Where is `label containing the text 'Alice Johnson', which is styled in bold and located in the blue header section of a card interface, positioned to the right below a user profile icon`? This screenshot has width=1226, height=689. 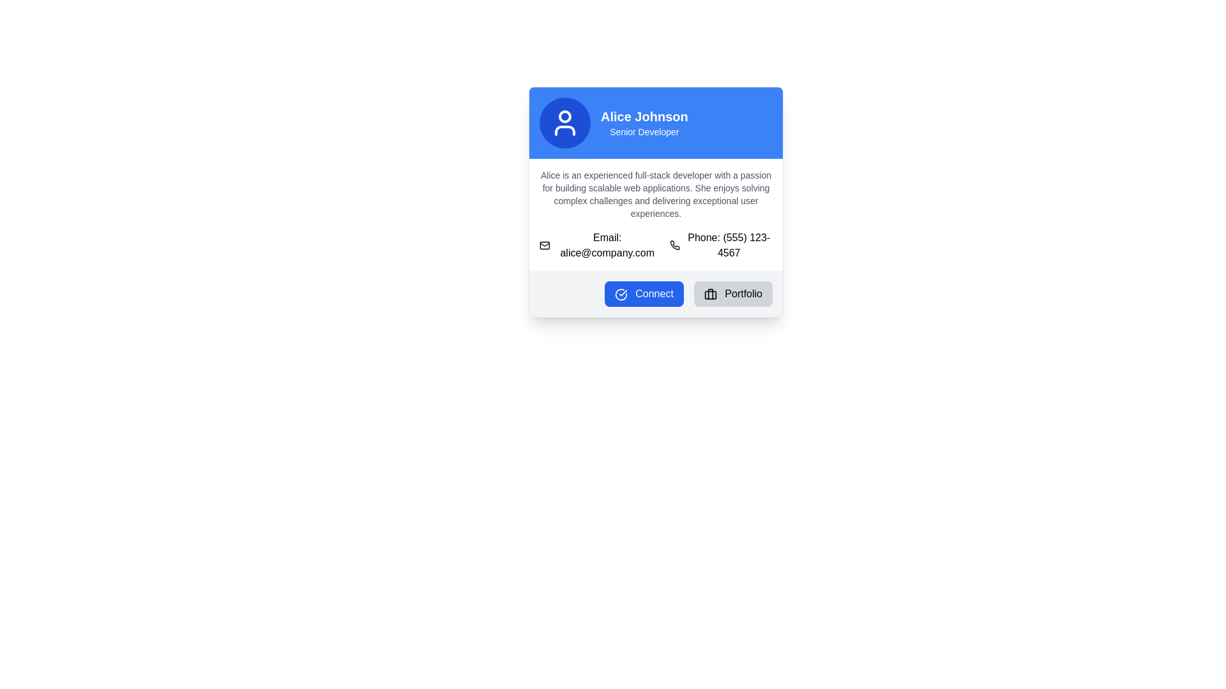 label containing the text 'Alice Johnson', which is styled in bold and located in the blue header section of a card interface, positioned to the right below a user profile icon is located at coordinates (644, 116).